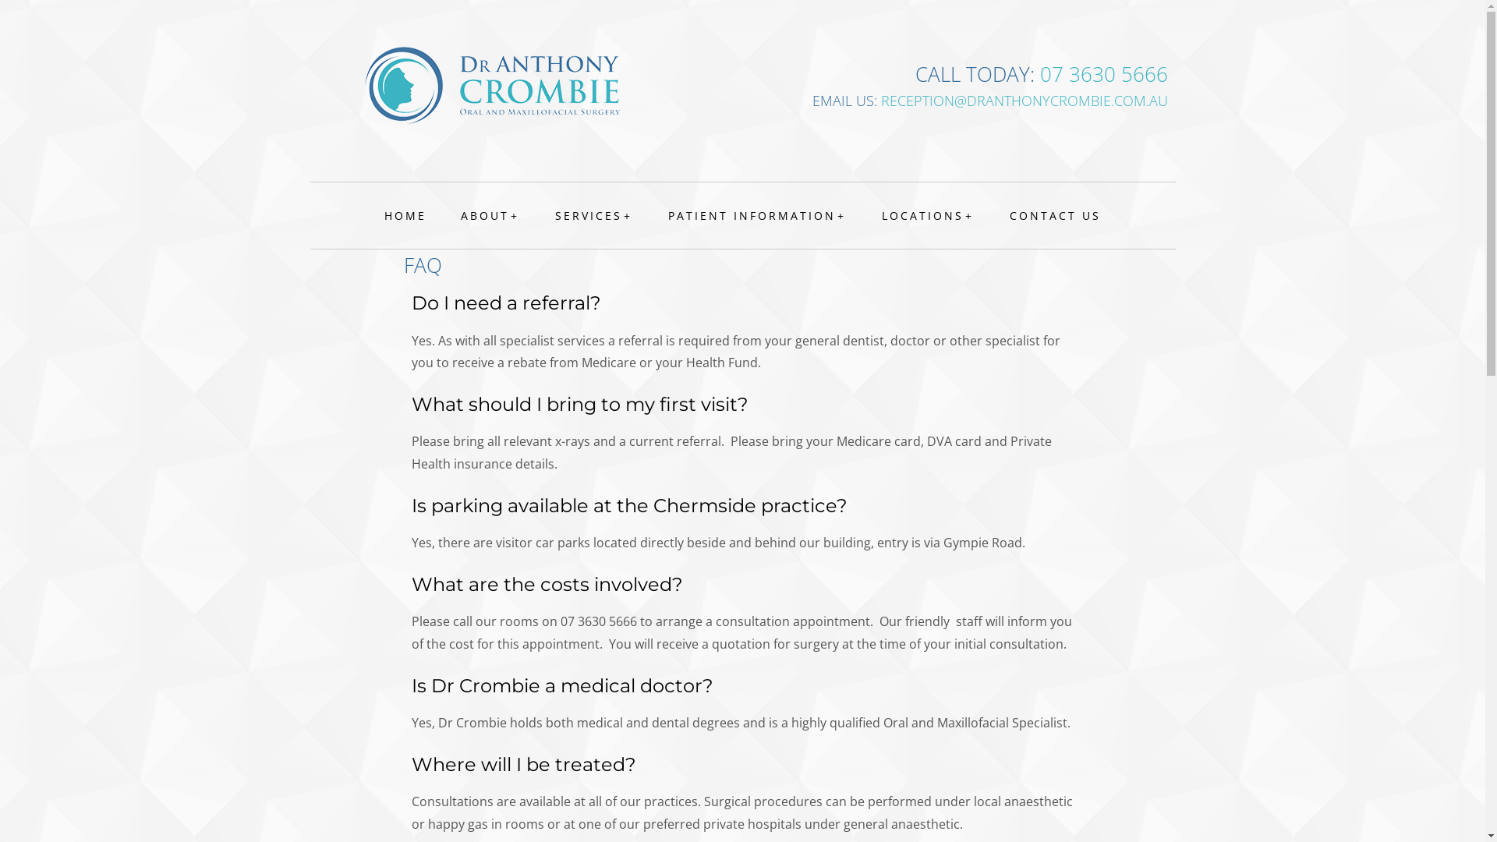 This screenshot has height=842, width=1497. Describe the element at coordinates (405, 215) in the screenshot. I see `'HOME'` at that location.